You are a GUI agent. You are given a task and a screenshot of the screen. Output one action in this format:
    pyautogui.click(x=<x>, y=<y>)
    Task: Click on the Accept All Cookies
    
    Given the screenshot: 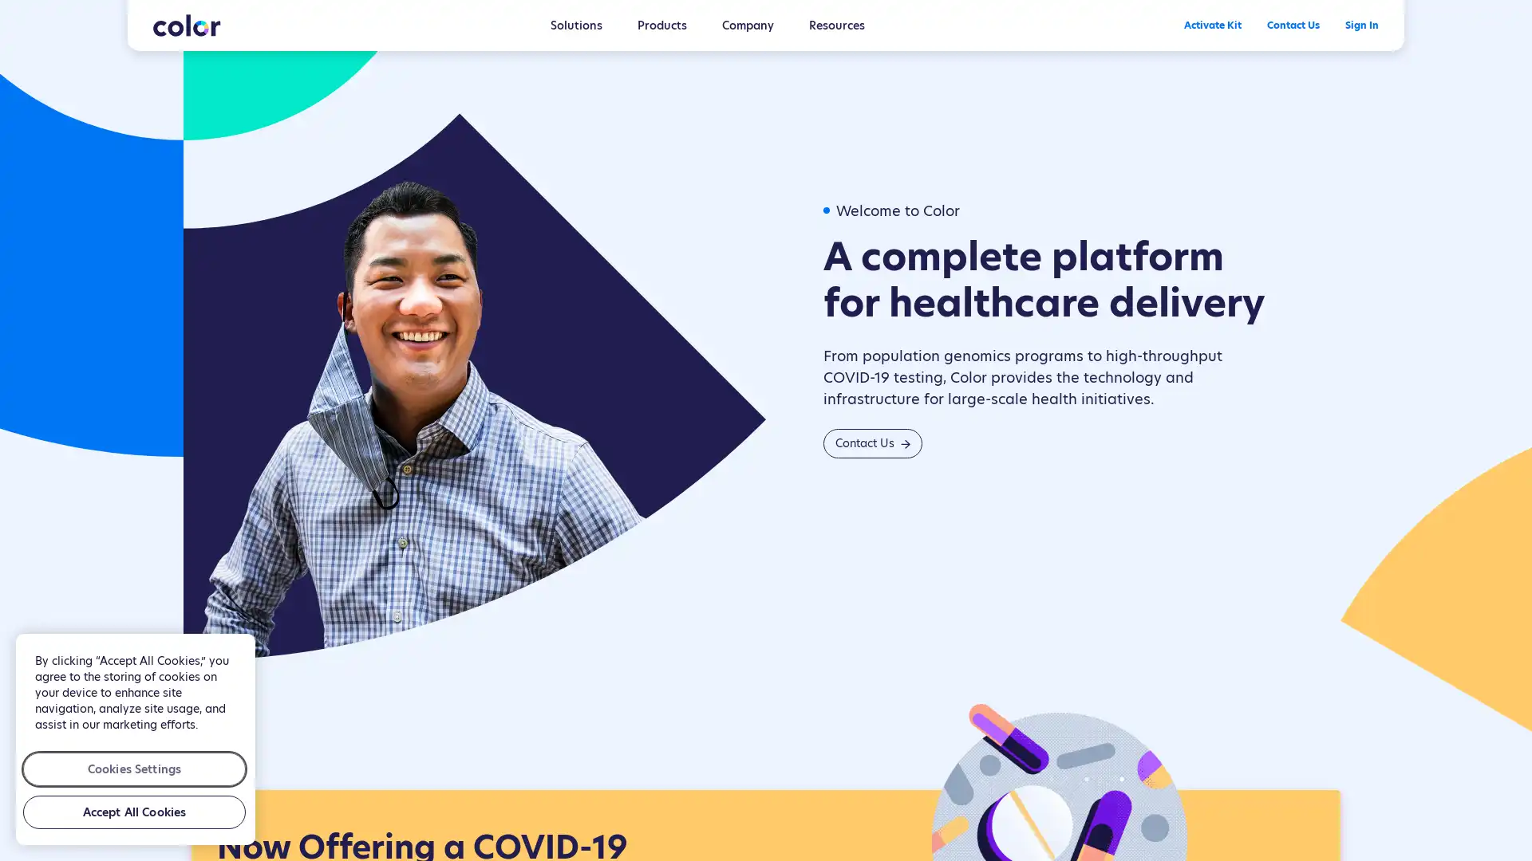 What is the action you would take?
    pyautogui.click(x=134, y=812)
    